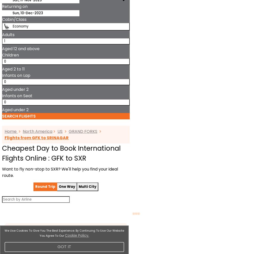 This screenshot has height=254, width=260. Describe the element at coordinates (45, 187) in the screenshot. I see `'Round Trip'` at that location.